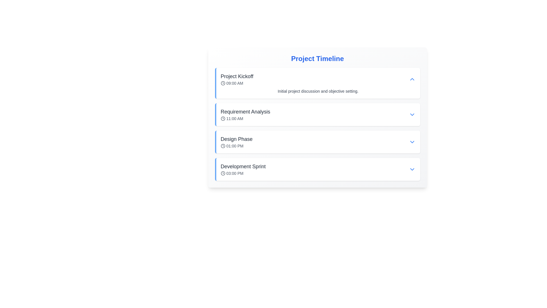 The width and height of the screenshot is (547, 308). I want to click on the text label displaying '09:00 AM' with a clock icon, located in the 'Project Timeline' section under the 'Project Kickoff' card, so click(237, 83).